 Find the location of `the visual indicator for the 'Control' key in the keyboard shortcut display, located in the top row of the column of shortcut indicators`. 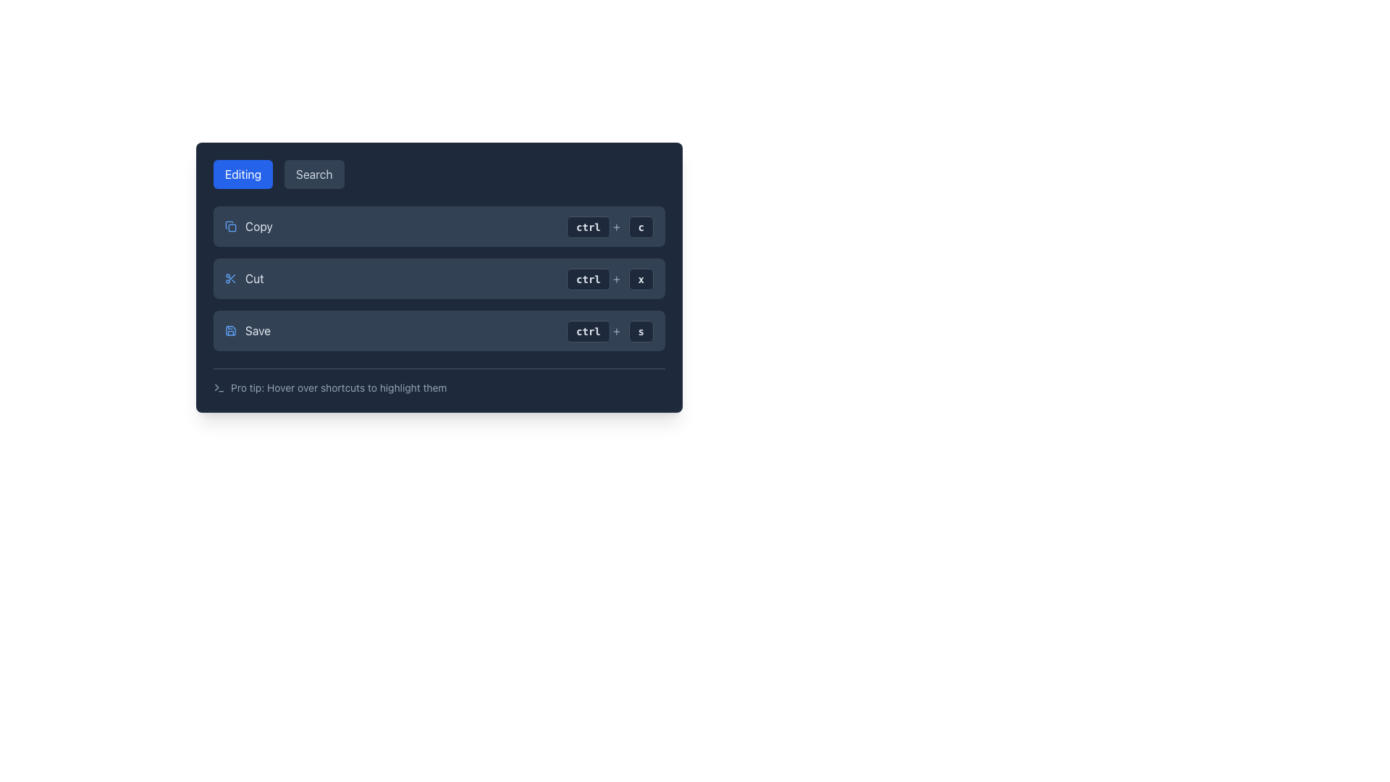

the visual indicator for the 'Control' key in the keyboard shortcut display, located in the top row of the column of shortcut indicators is located at coordinates (588, 227).